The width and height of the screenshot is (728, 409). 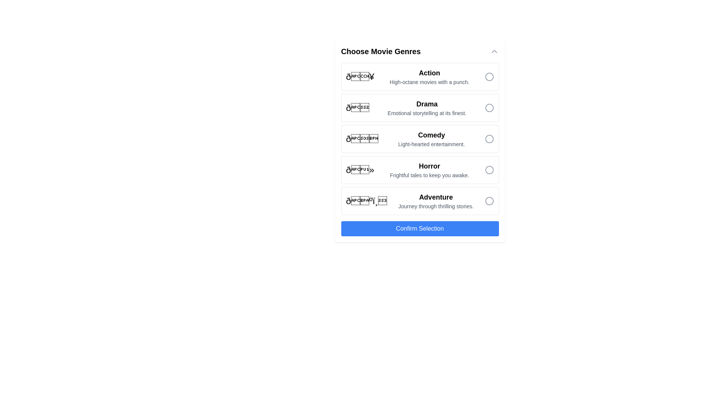 I want to click on the text label displaying "Emotional storytelling at its finest." which is styled in gray and positioned beneath the bold text "Drama" in the movie genre selection list, so click(x=427, y=113).